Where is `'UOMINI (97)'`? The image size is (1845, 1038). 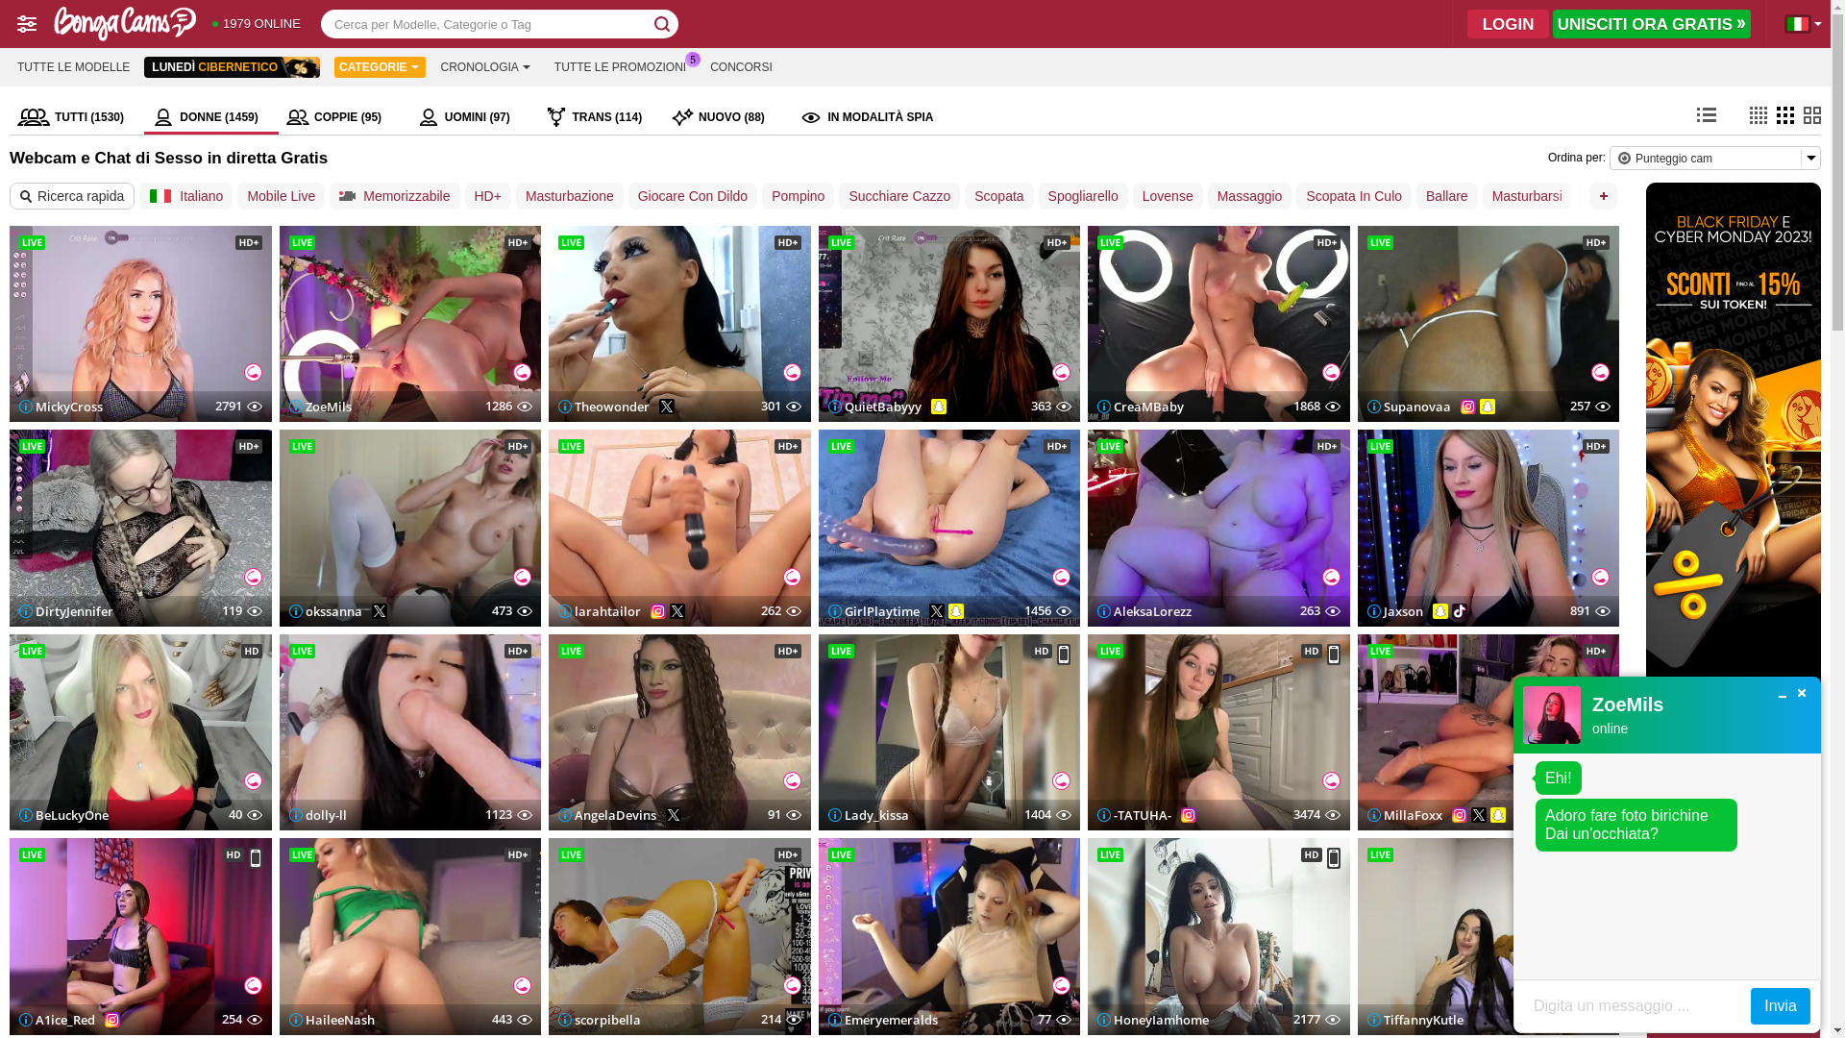
'UOMINI (97)' is located at coordinates (474, 117).